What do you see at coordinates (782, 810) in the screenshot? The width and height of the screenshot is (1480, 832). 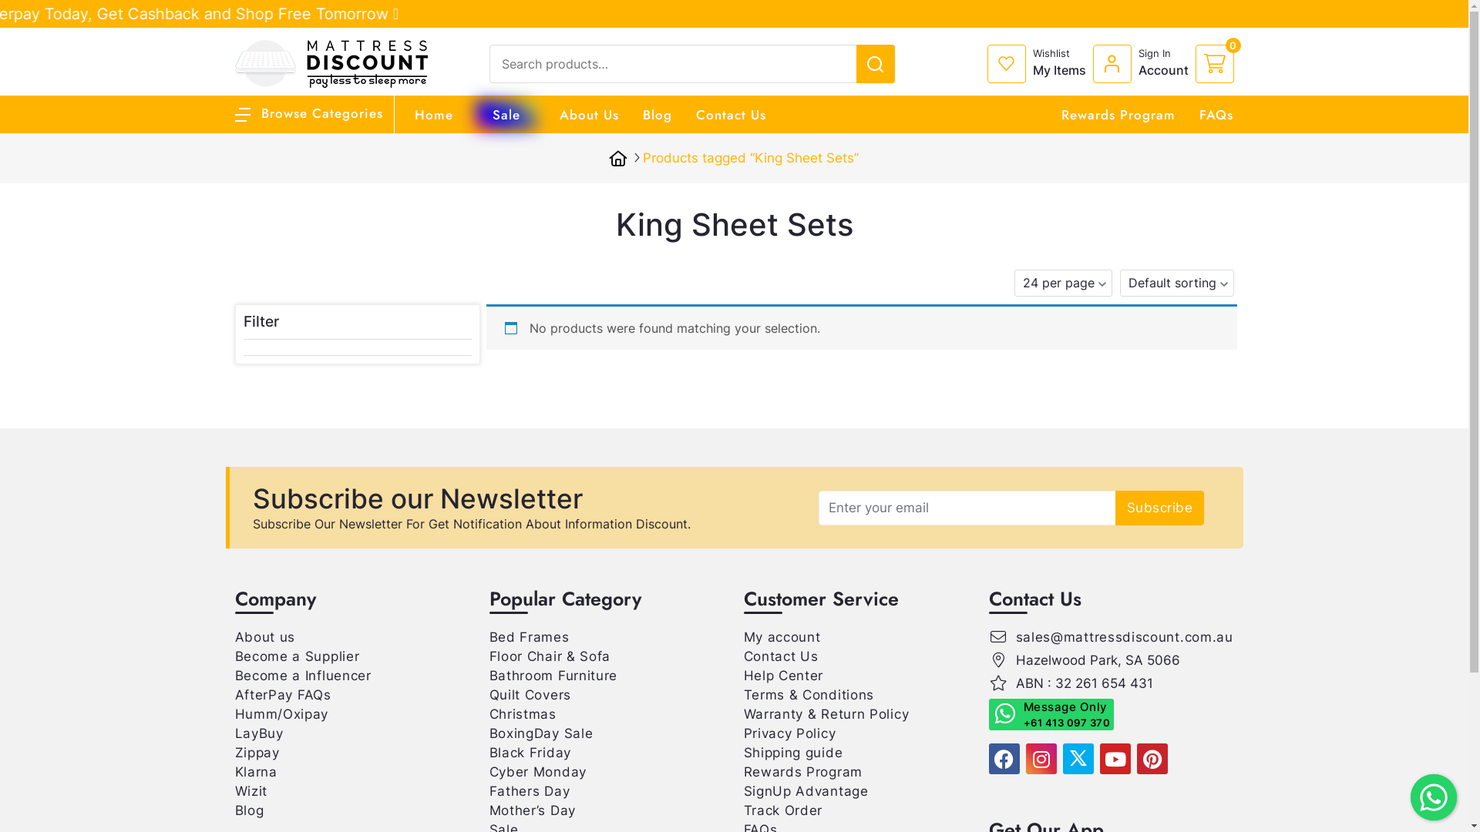 I see `'Track Order'` at bounding box center [782, 810].